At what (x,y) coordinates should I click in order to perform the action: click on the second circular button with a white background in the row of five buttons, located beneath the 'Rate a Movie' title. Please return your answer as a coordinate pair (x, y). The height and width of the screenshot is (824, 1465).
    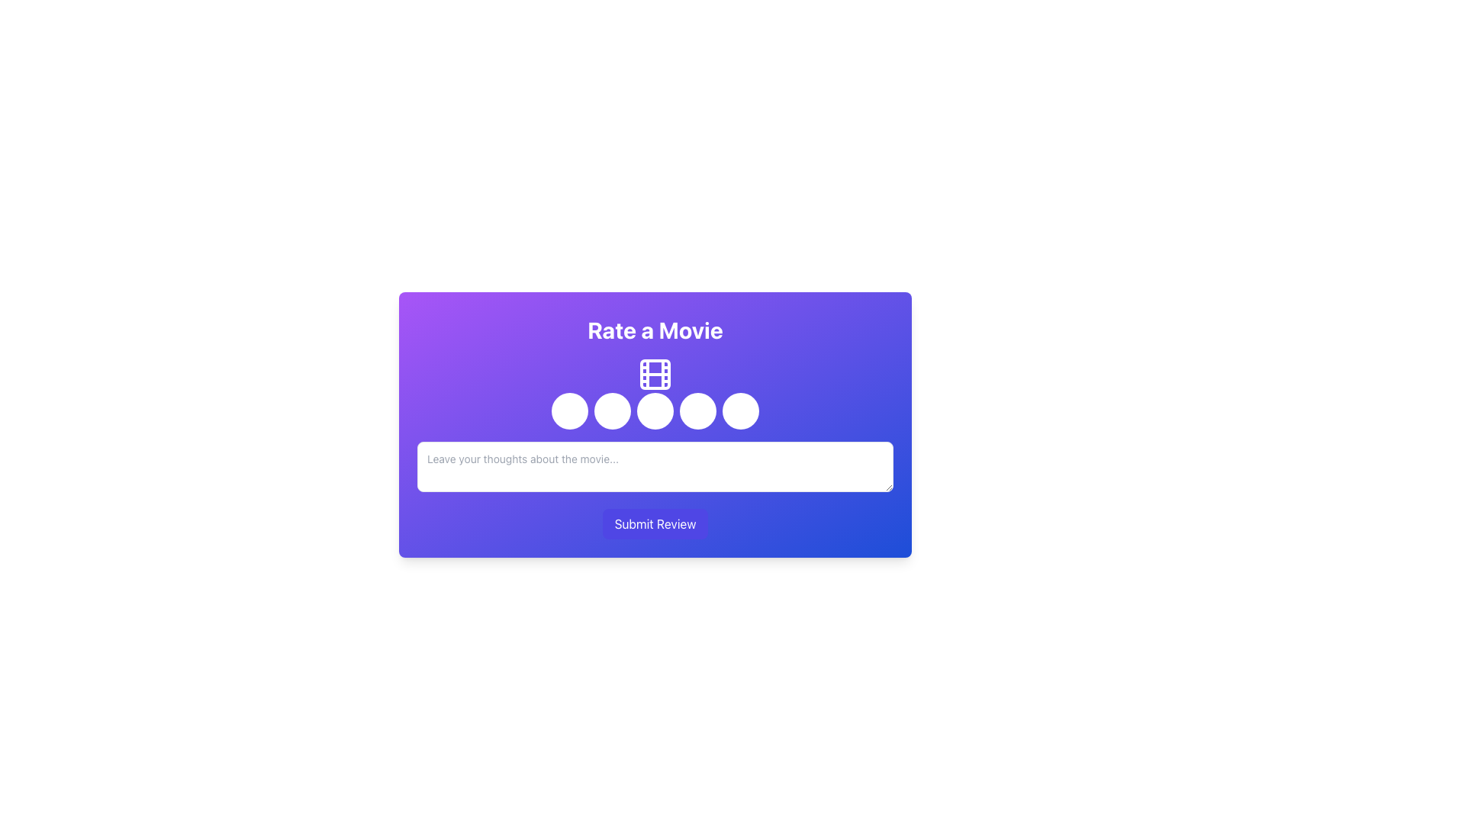
    Looking at the image, I should click on (612, 410).